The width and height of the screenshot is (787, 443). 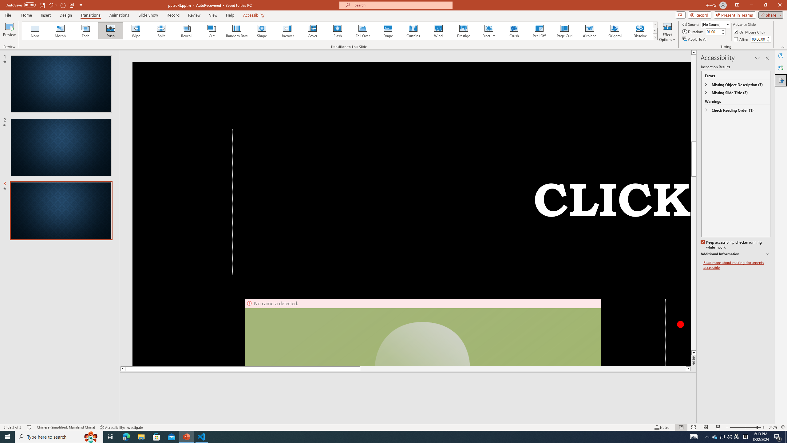 What do you see at coordinates (463, 30) in the screenshot?
I see `'Prestige'` at bounding box center [463, 30].